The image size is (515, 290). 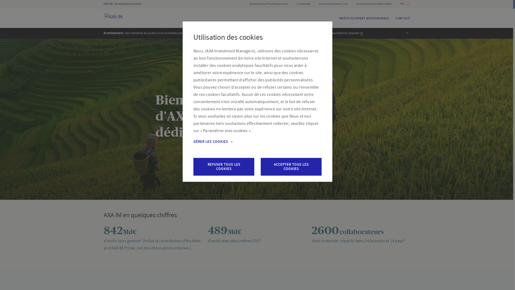 What do you see at coordinates (260, 239) in the screenshot?
I see `'2'` at bounding box center [260, 239].